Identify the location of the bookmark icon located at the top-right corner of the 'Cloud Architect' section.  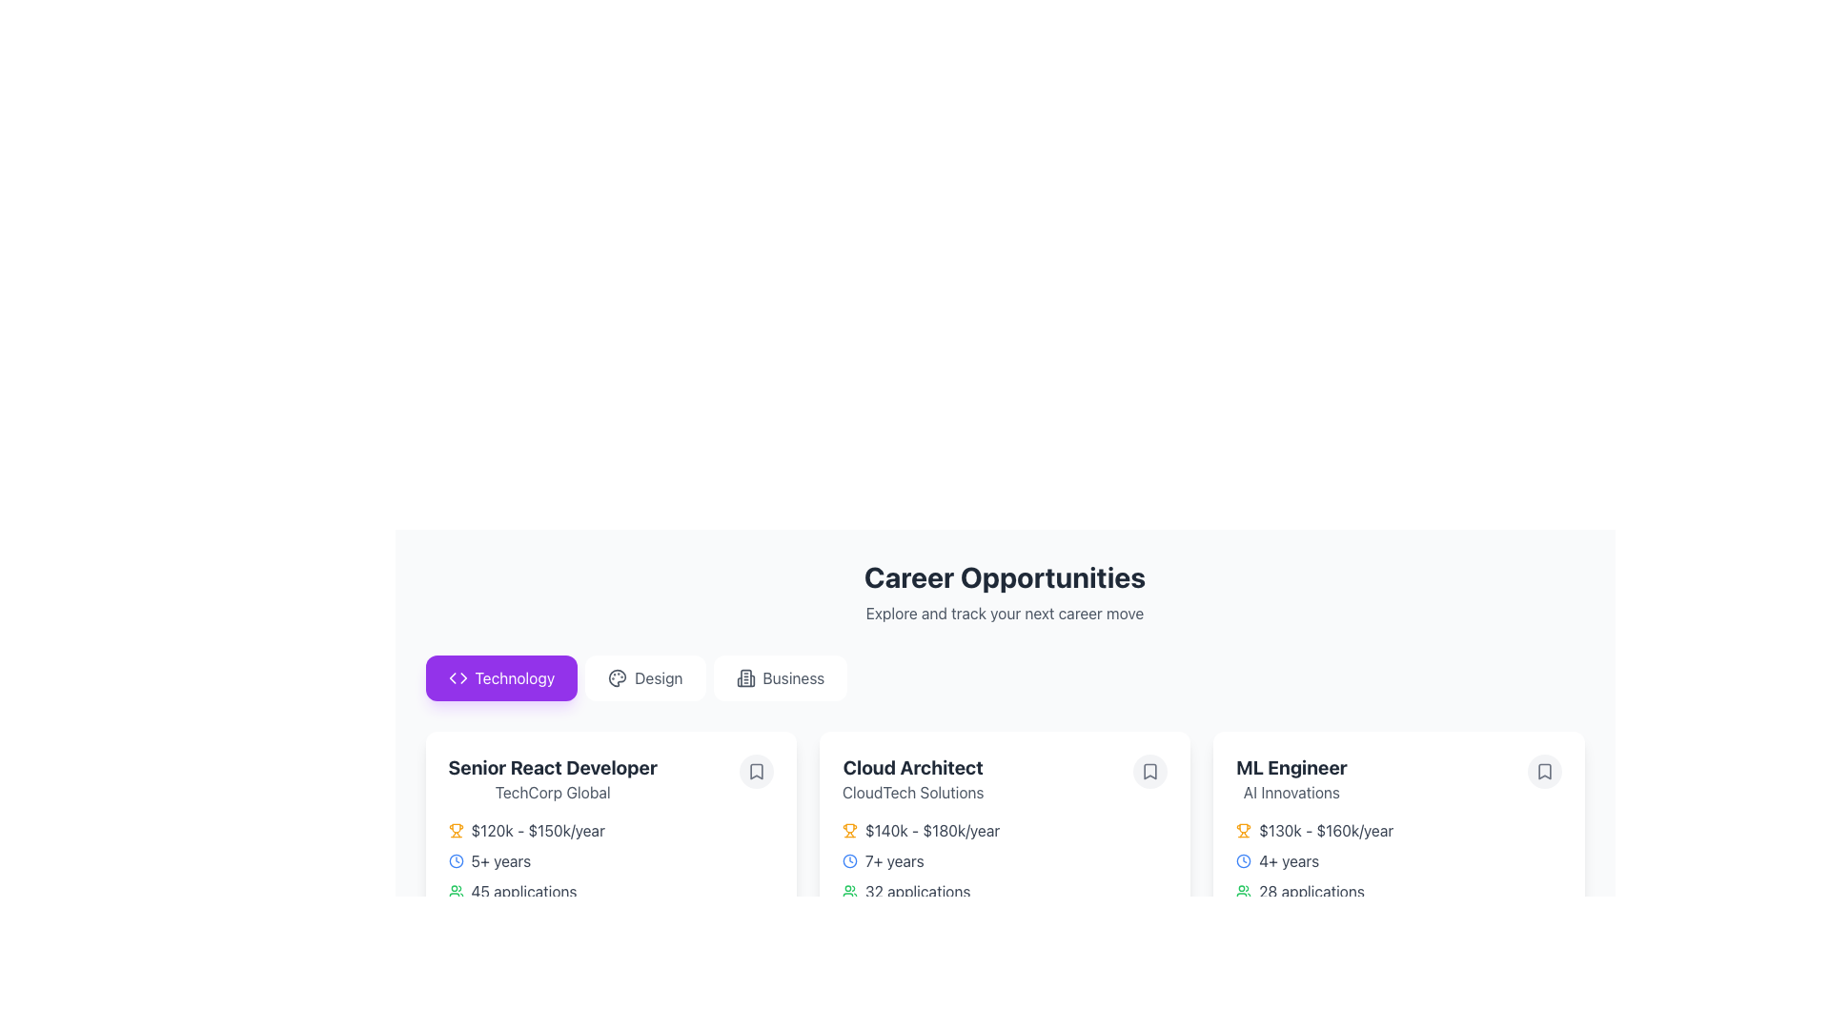
(1149, 772).